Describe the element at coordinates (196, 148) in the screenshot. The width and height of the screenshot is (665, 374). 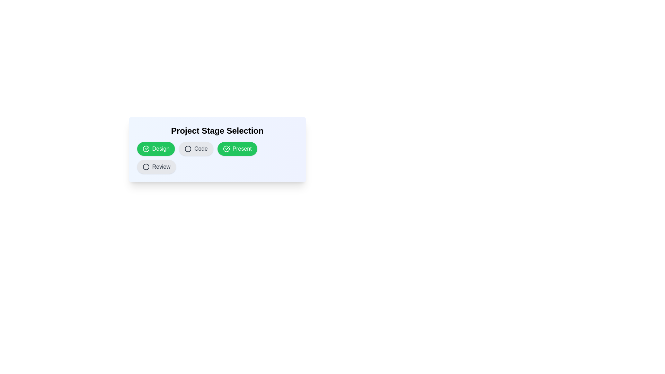
I see `the chip labeled Code` at that location.